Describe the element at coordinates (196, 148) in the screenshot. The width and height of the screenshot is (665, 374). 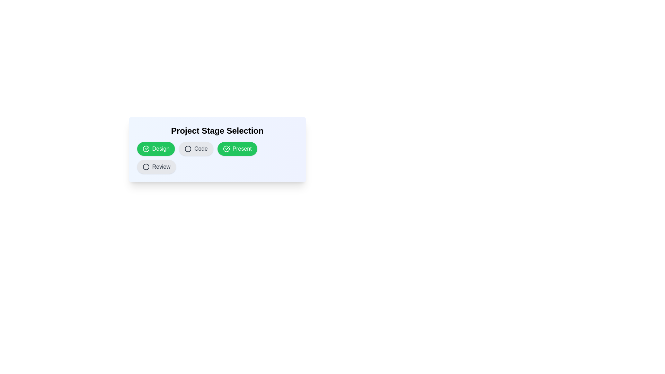
I see `the chip labeled Code` at that location.